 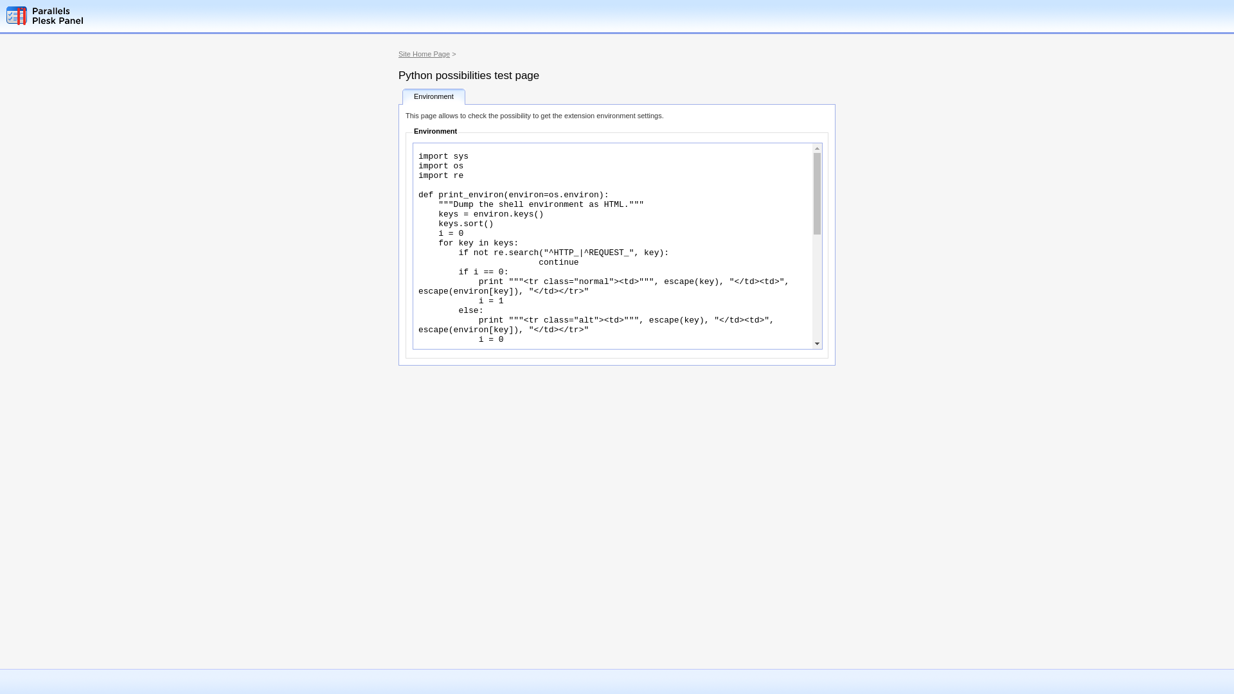 I want to click on 'Environment', so click(x=434, y=96).